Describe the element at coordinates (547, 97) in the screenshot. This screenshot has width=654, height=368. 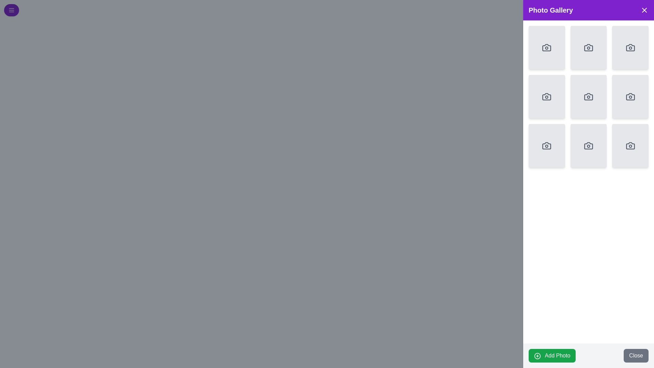
I see `the light gray card with rounded corners containing a centered dark gray camera icon located in the second row, first column of the grid on the right side of the application interface` at that location.